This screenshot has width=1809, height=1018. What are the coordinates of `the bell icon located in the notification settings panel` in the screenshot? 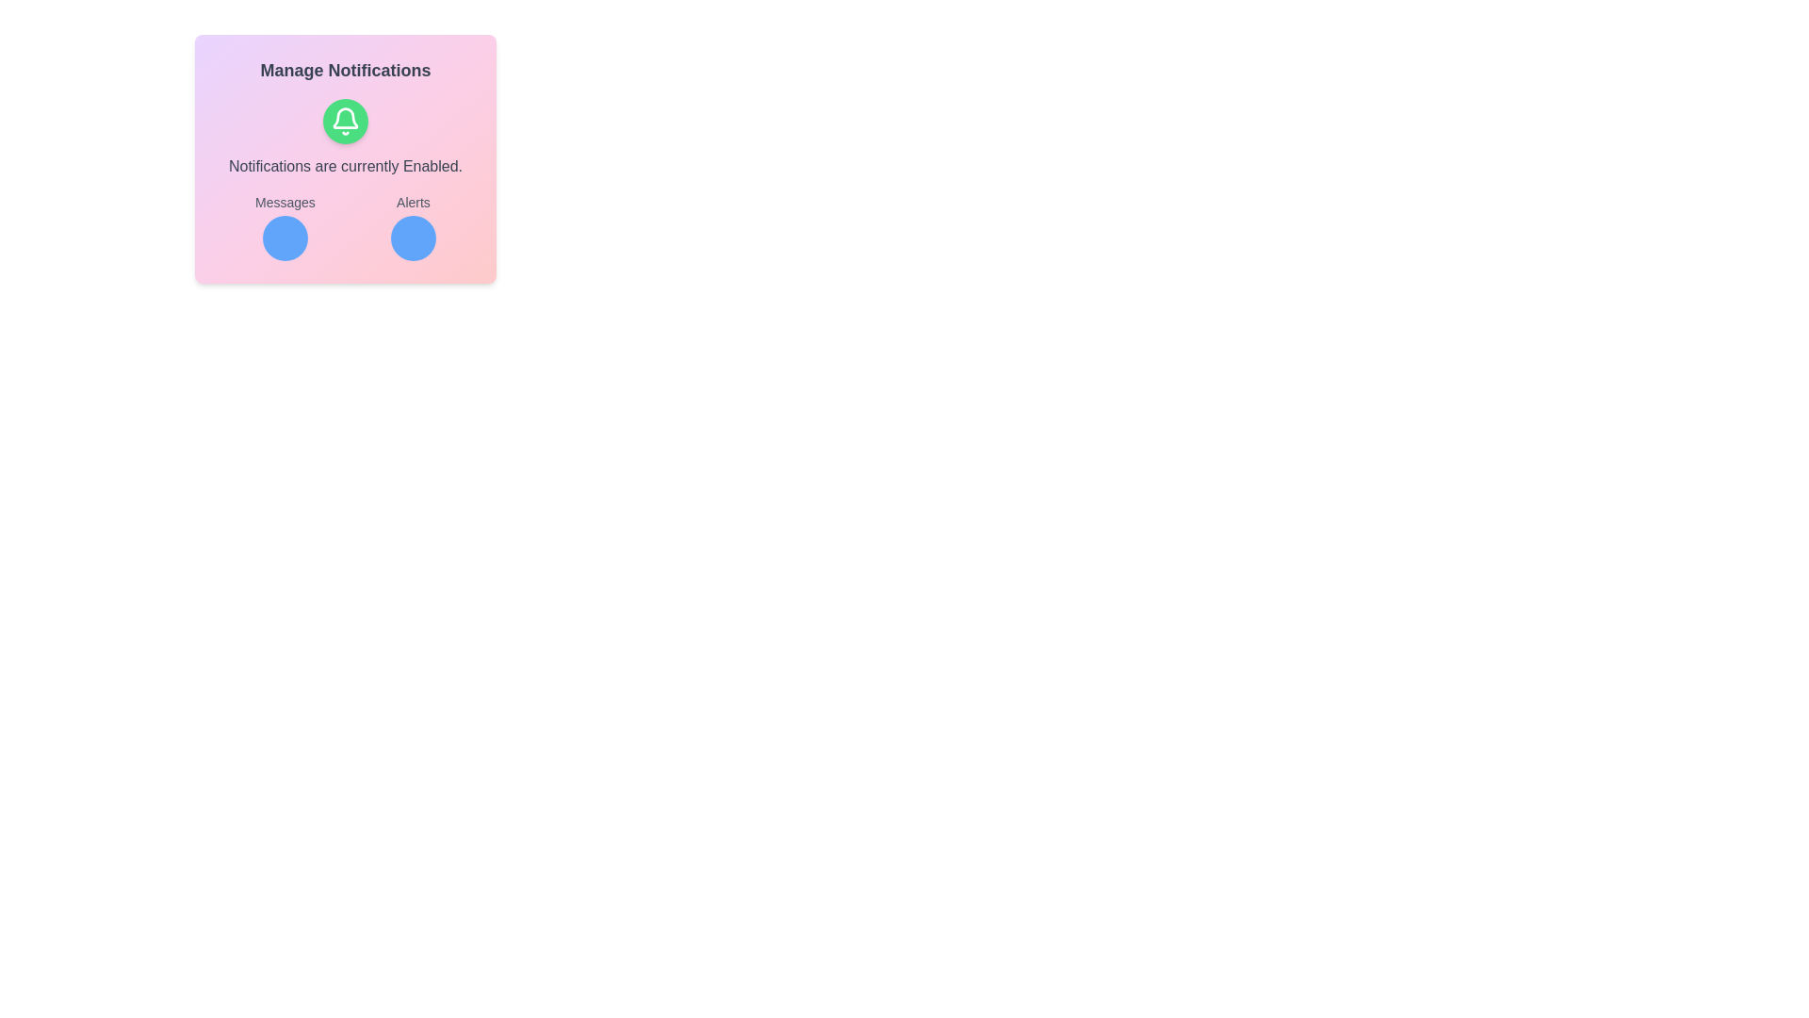 It's located at (345, 121).